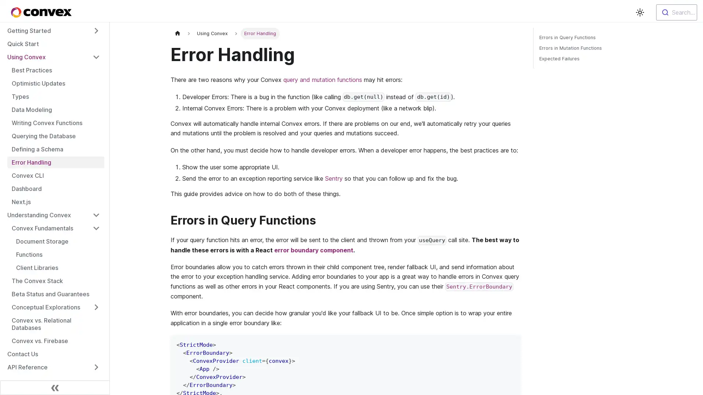 The width and height of the screenshot is (703, 395). What do you see at coordinates (96, 228) in the screenshot?
I see `Toggle the collapsible sidebar category 'Convex Fundamentals'` at bounding box center [96, 228].